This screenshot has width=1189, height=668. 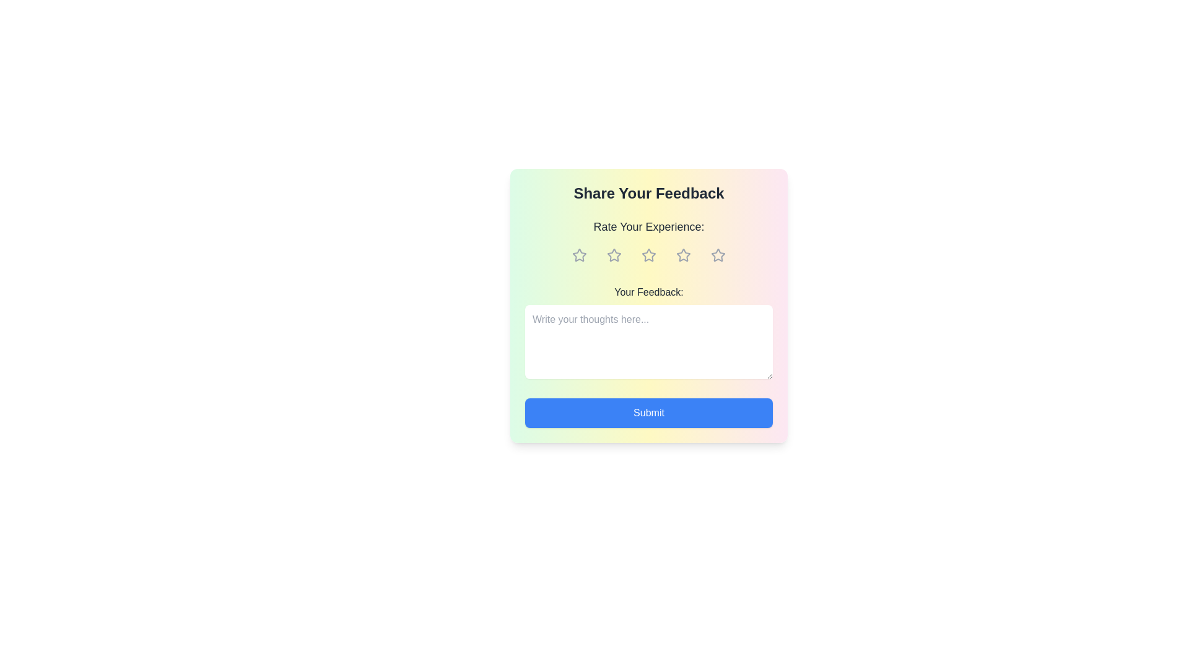 I want to click on the first star icon in the rating section to assign a rating value, located under the 'Rate Your Experience' header, so click(x=579, y=254).